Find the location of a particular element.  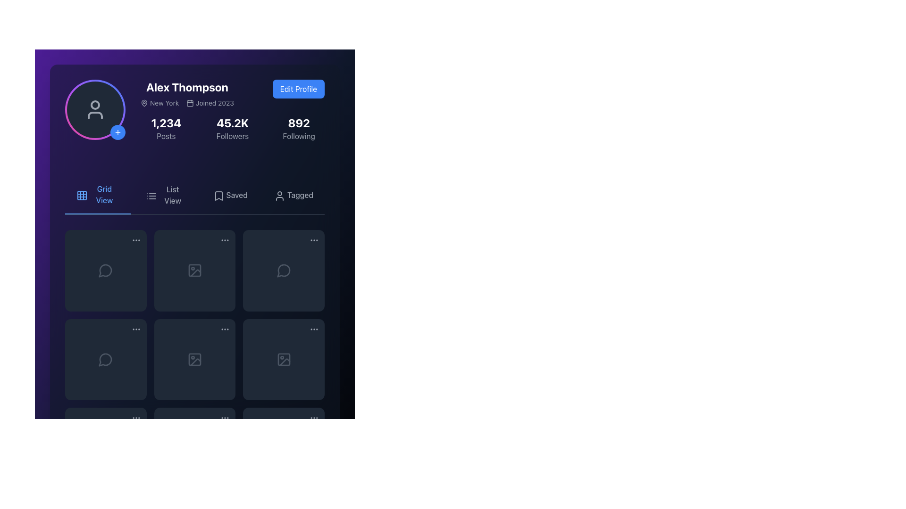

the icon representing the saved items section located in the navigation bar, positioned between the 'List View' icon and the 'Tagged' icon is located at coordinates (218, 196).